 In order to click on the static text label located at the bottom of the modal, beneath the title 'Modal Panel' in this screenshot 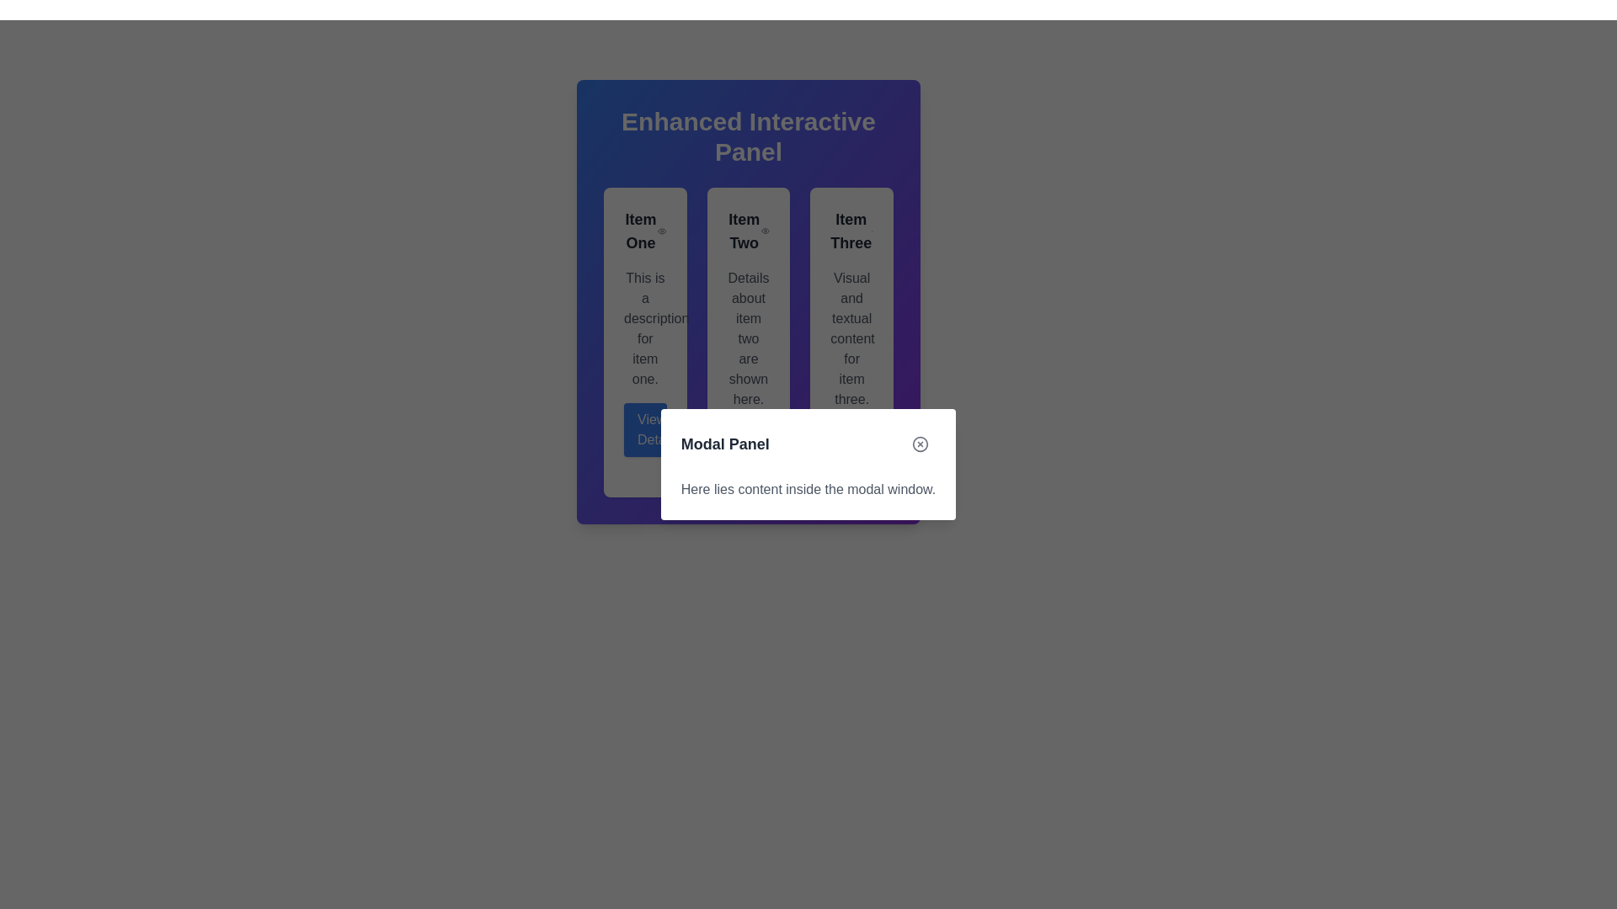, I will do `click(808, 490)`.